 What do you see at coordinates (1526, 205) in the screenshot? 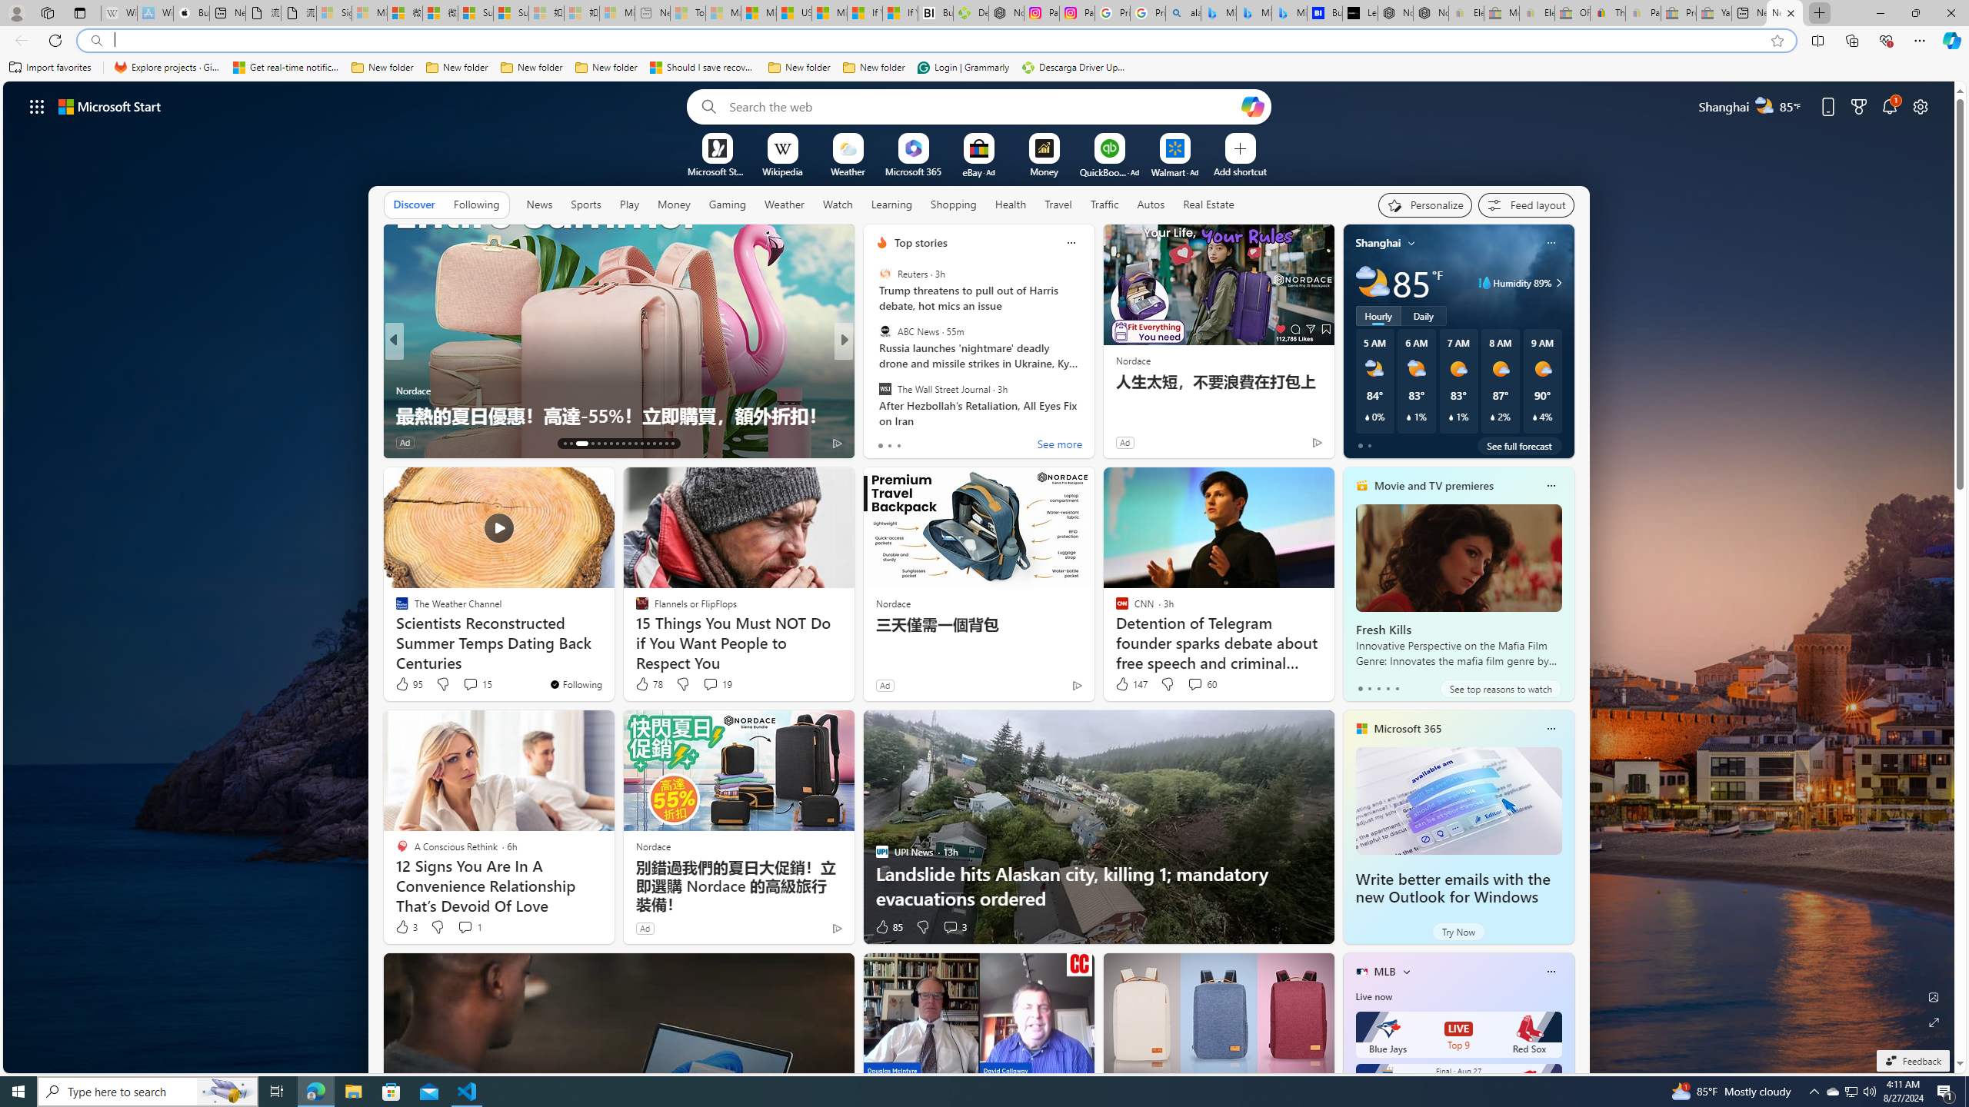
I see `'Feed settings'` at bounding box center [1526, 205].